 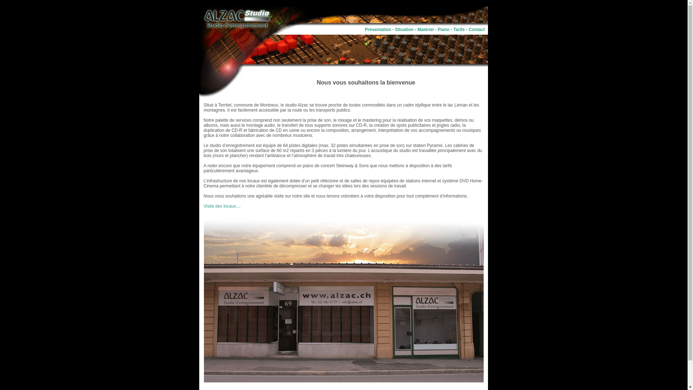 What do you see at coordinates (222, 206) in the screenshot?
I see `'Visite des locaux....'` at bounding box center [222, 206].